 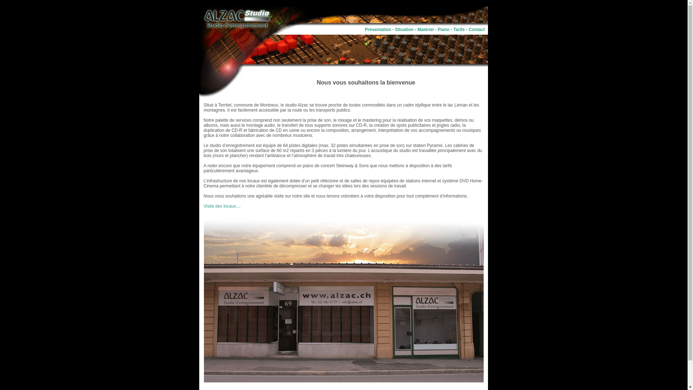 What do you see at coordinates (222, 206) in the screenshot?
I see `'Visite des locaux....'` at bounding box center [222, 206].